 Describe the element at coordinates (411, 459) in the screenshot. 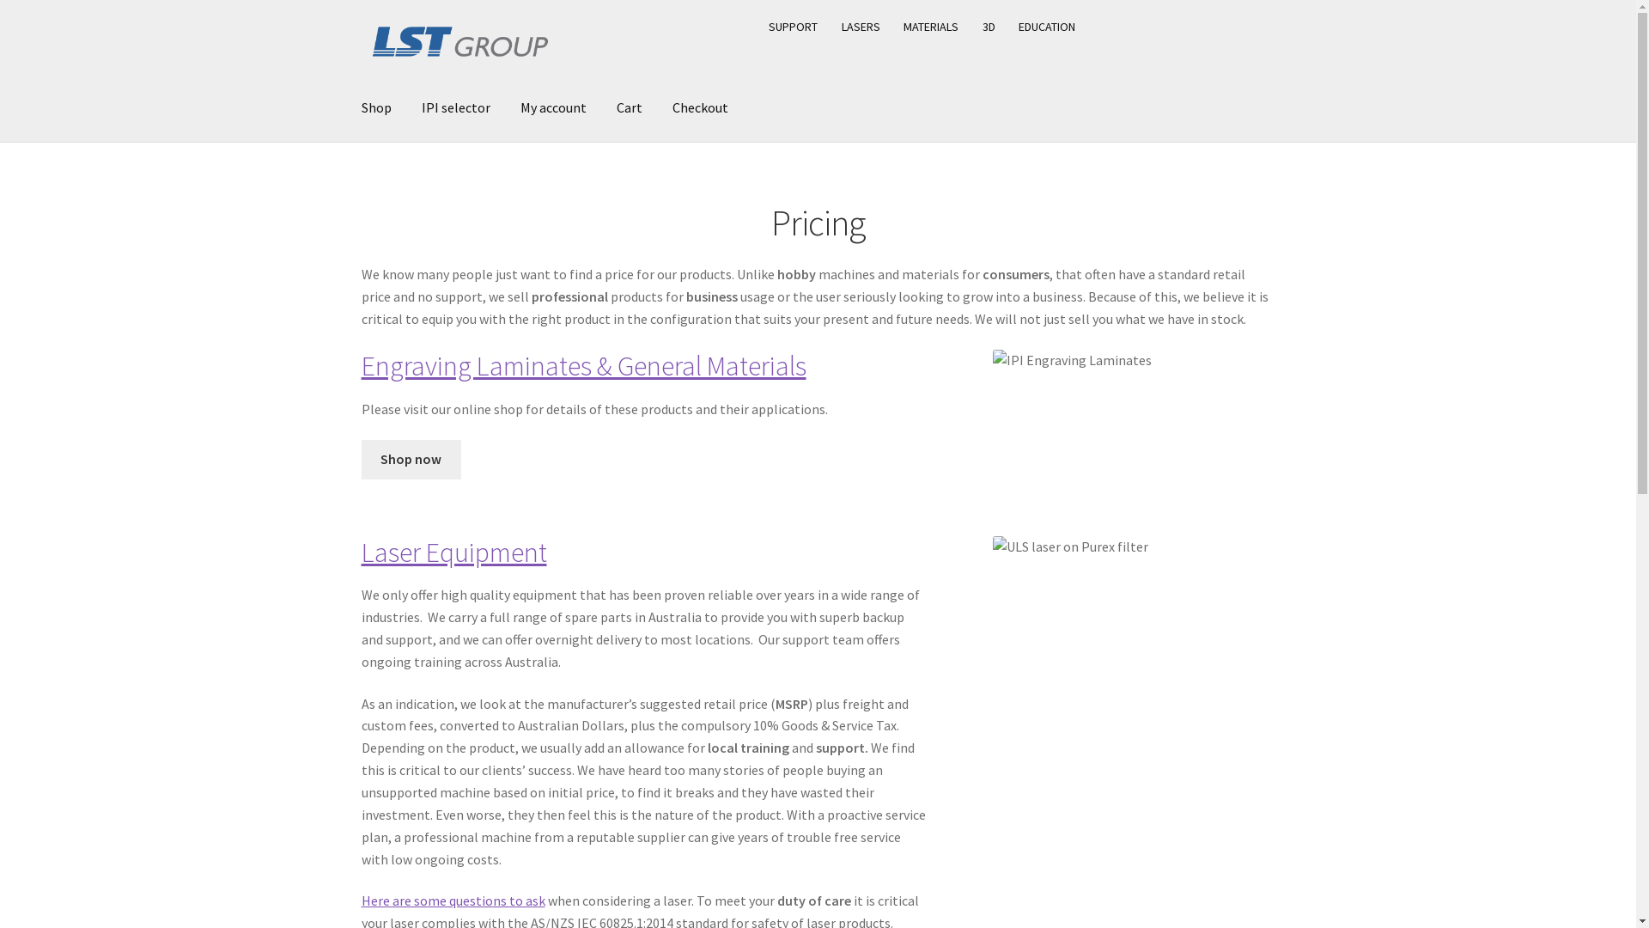

I see `'Shop now'` at that location.